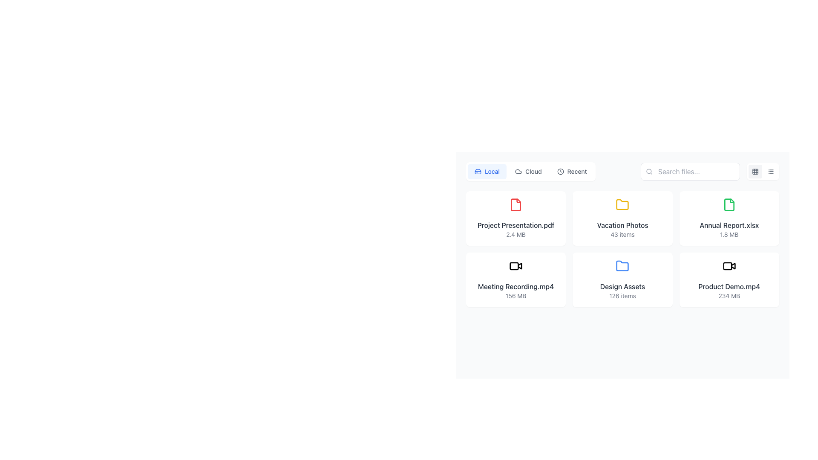  I want to click on the hard drive or storage device icon located in the upper section of the interface, near the 'Local,' 'Cloud,' and 'Recent' tabs, so click(478, 171).